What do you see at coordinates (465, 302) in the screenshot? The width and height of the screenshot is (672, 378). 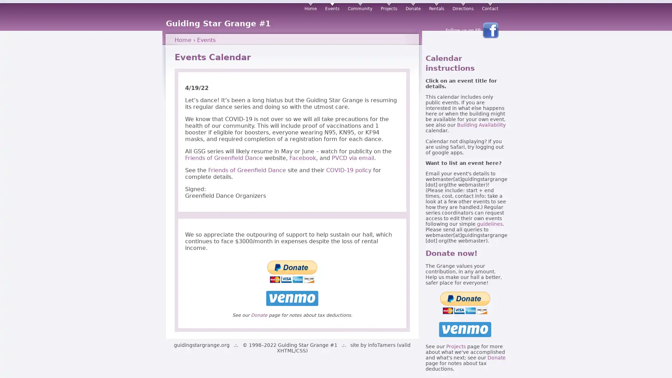 I see `PayPal - The safer, easier way to pay online!` at bounding box center [465, 302].